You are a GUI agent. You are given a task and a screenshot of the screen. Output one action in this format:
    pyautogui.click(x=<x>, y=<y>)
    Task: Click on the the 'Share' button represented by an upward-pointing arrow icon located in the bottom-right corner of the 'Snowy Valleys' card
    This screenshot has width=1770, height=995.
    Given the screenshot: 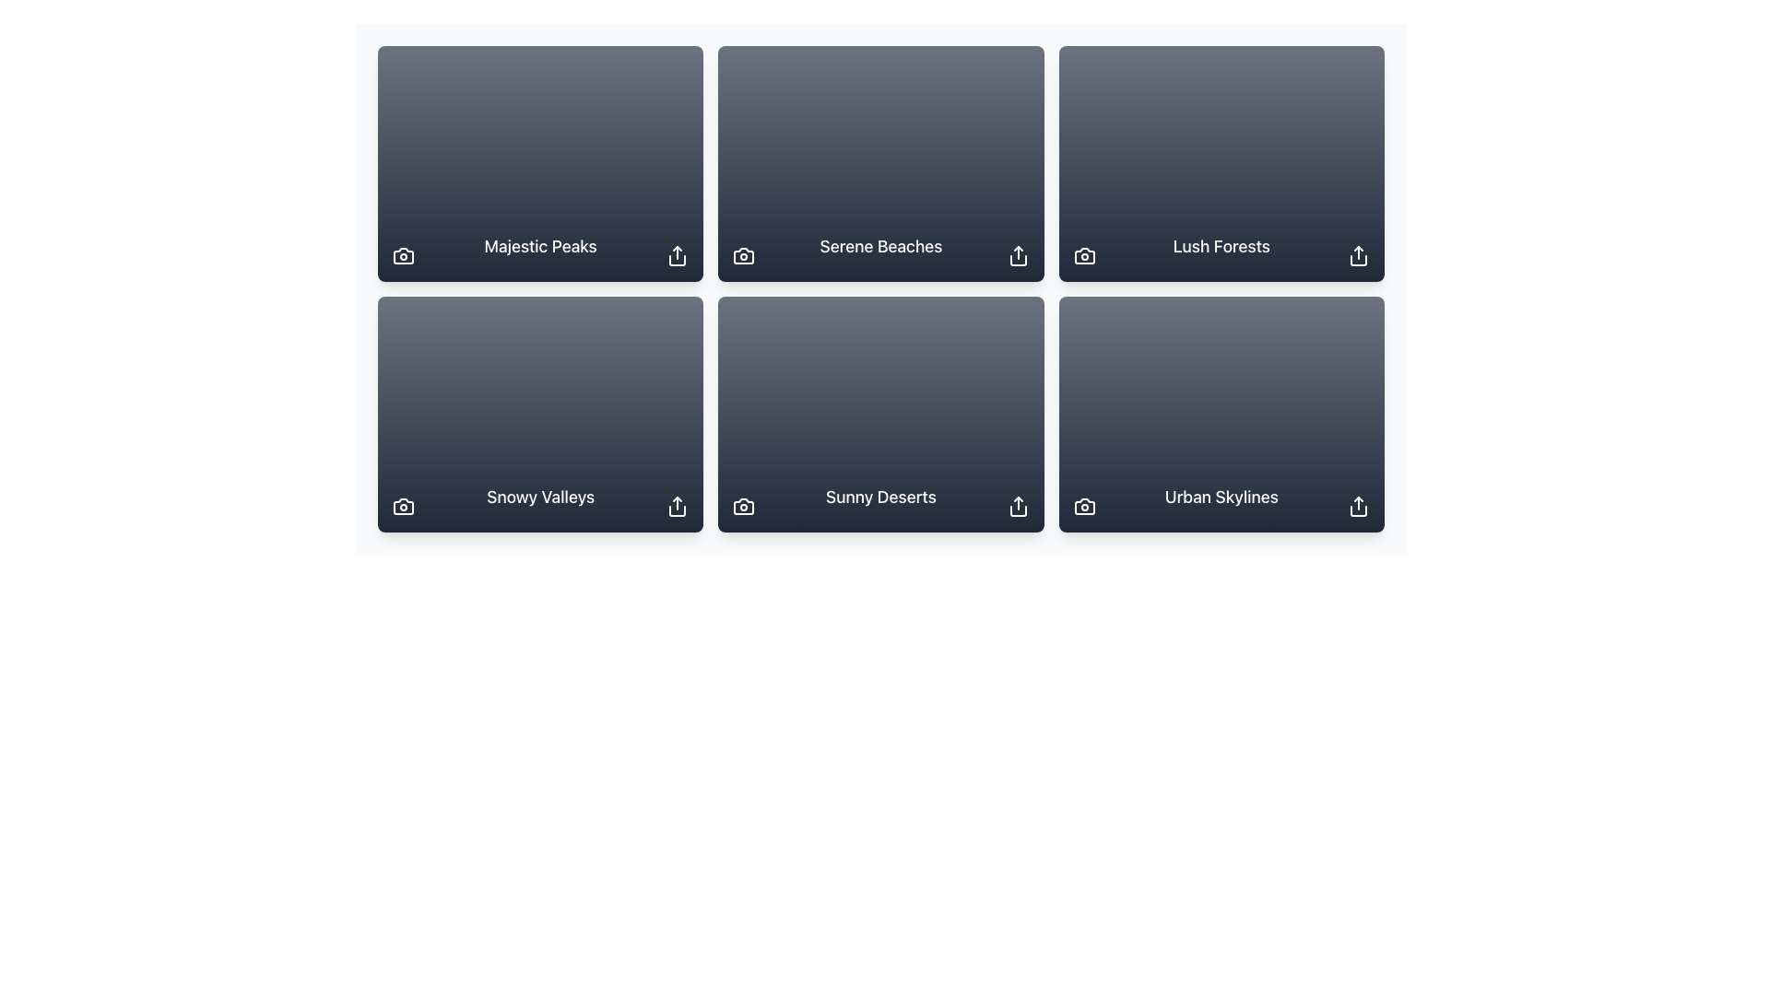 What is the action you would take?
    pyautogui.click(x=677, y=507)
    